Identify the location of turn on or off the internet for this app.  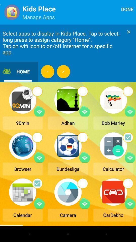
(85, 111).